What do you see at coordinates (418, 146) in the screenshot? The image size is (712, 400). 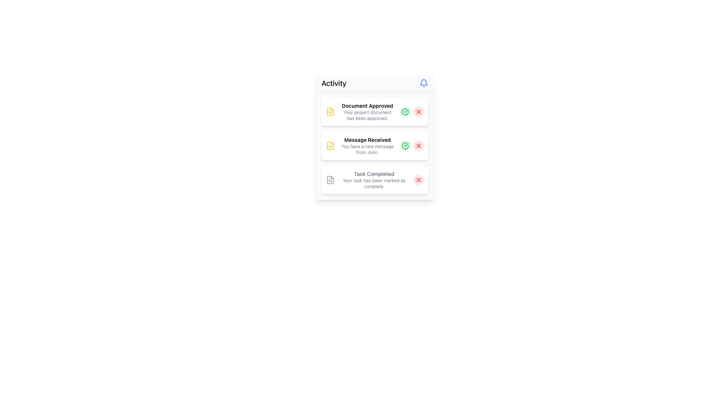 I see `the dismiss button (icon-based) located in the top-right corner of the 'Message Received' notification entry` at bounding box center [418, 146].